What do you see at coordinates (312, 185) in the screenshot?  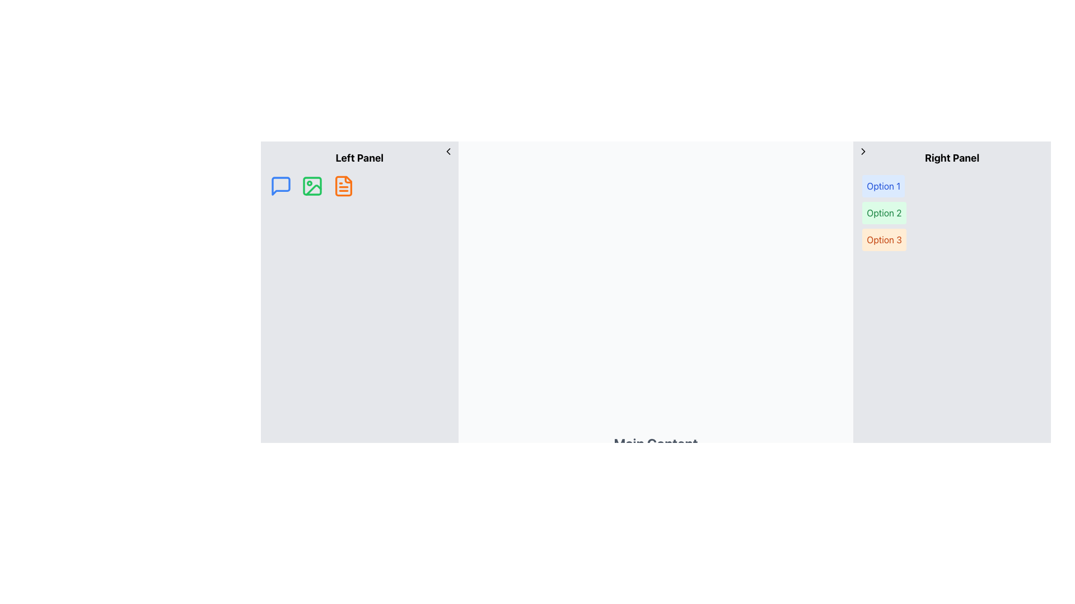 I see `the green picture frame icon located between the blue speech bubble and the orange document icon in the left panel` at bounding box center [312, 185].